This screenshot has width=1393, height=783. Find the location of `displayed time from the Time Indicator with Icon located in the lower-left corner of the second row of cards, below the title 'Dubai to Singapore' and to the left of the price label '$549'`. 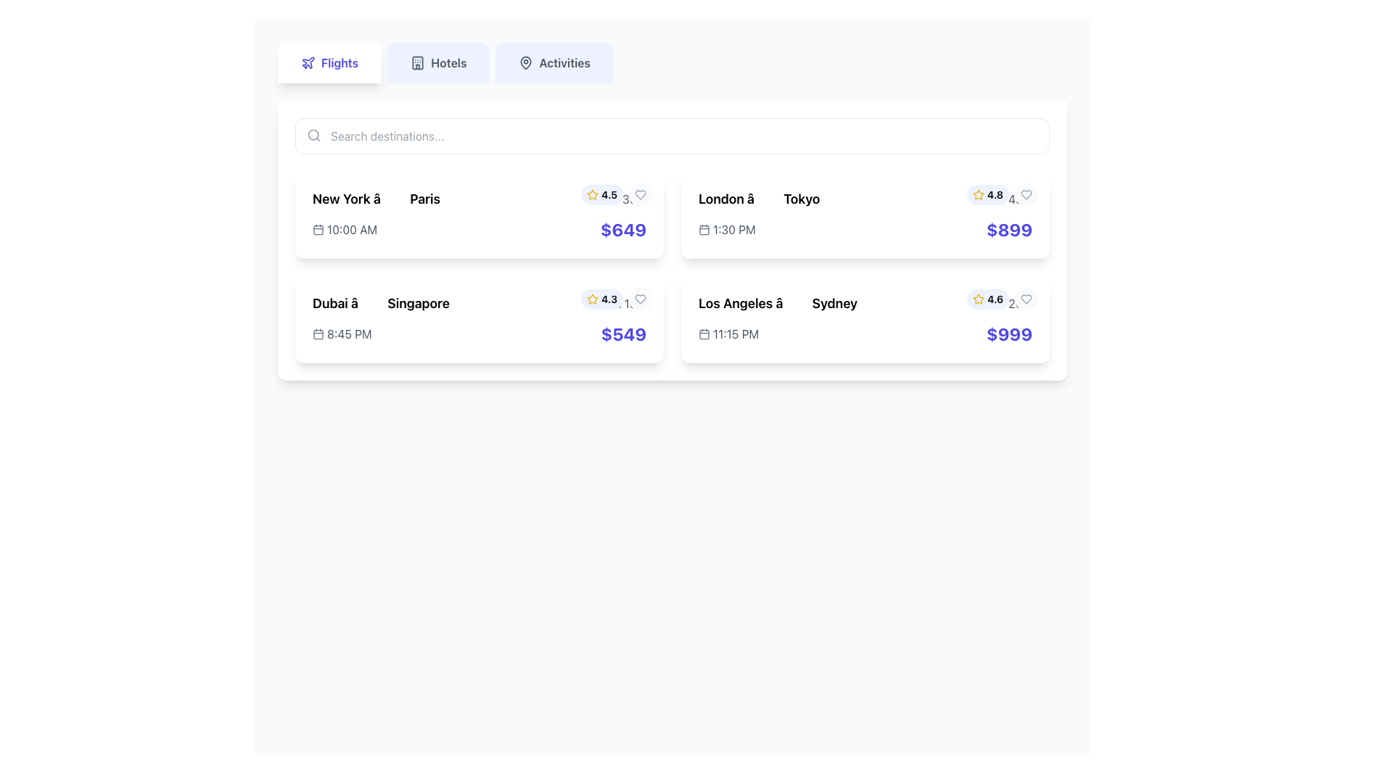

displayed time from the Time Indicator with Icon located in the lower-left corner of the second row of cards, below the title 'Dubai to Singapore' and to the left of the price label '$549' is located at coordinates (341, 334).